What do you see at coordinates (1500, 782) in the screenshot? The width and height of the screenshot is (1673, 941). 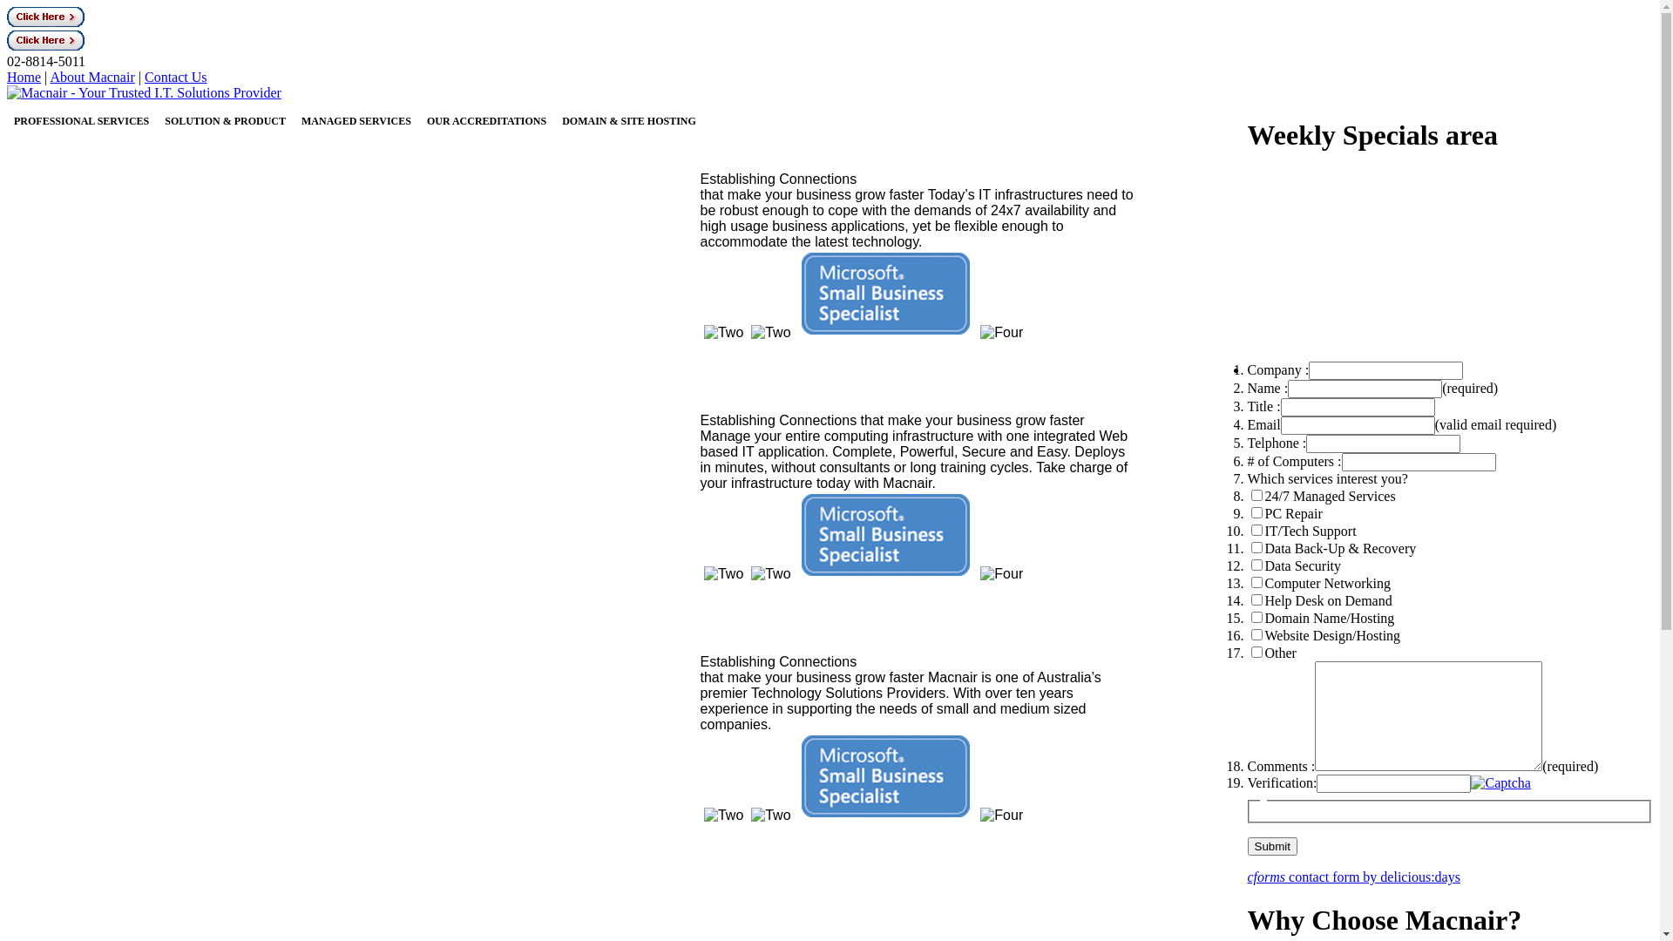 I see `'reset captcha image'` at bounding box center [1500, 782].